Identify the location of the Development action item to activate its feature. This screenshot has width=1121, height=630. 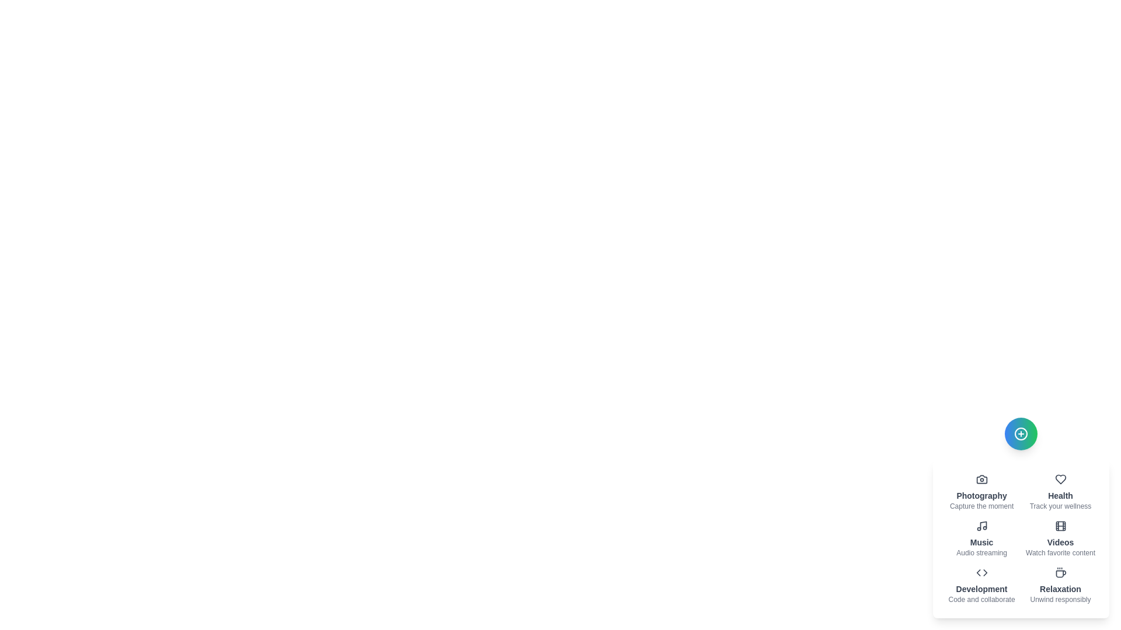
(981, 585).